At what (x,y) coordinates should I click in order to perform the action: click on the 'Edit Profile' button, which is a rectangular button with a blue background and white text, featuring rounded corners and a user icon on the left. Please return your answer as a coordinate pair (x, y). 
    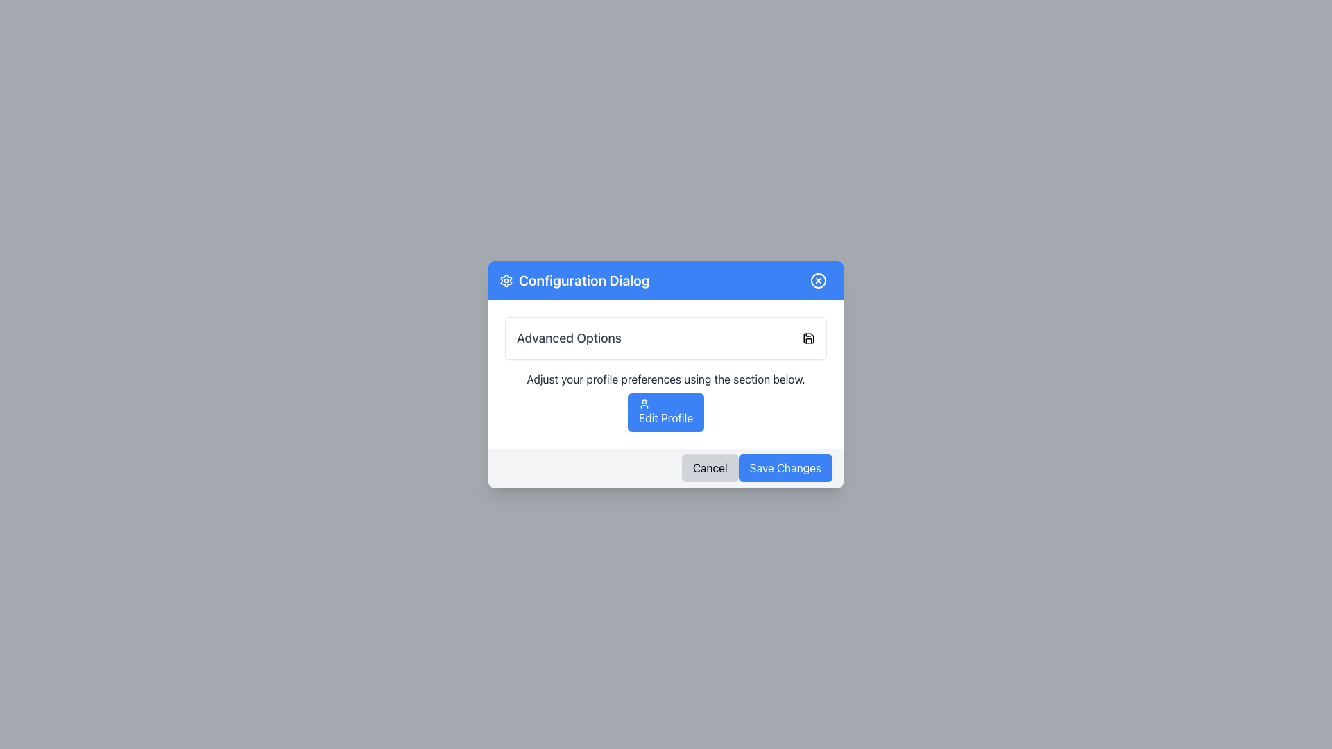
    Looking at the image, I should click on (666, 411).